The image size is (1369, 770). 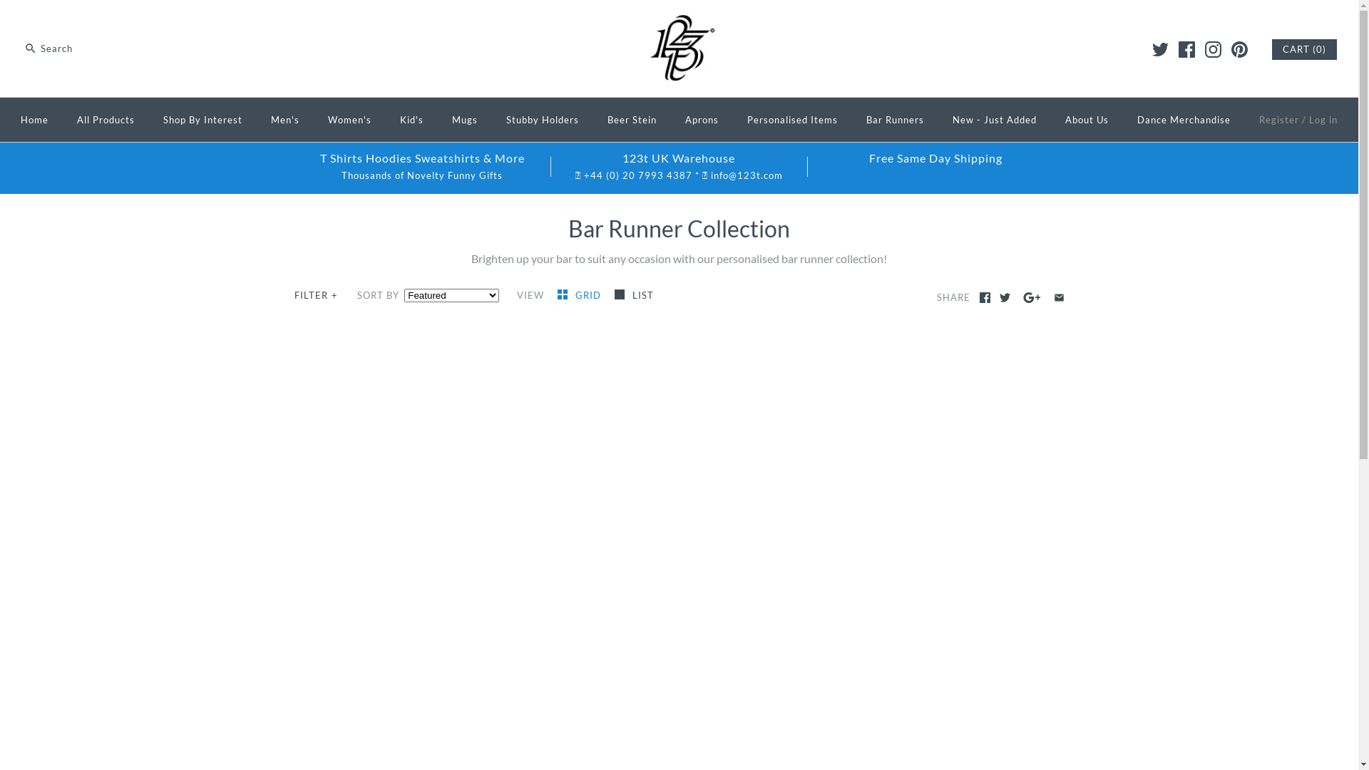 What do you see at coordinates (819, 746) in the screenshot?
I see `'Add to Cart'` at bounding box center [819, 746].